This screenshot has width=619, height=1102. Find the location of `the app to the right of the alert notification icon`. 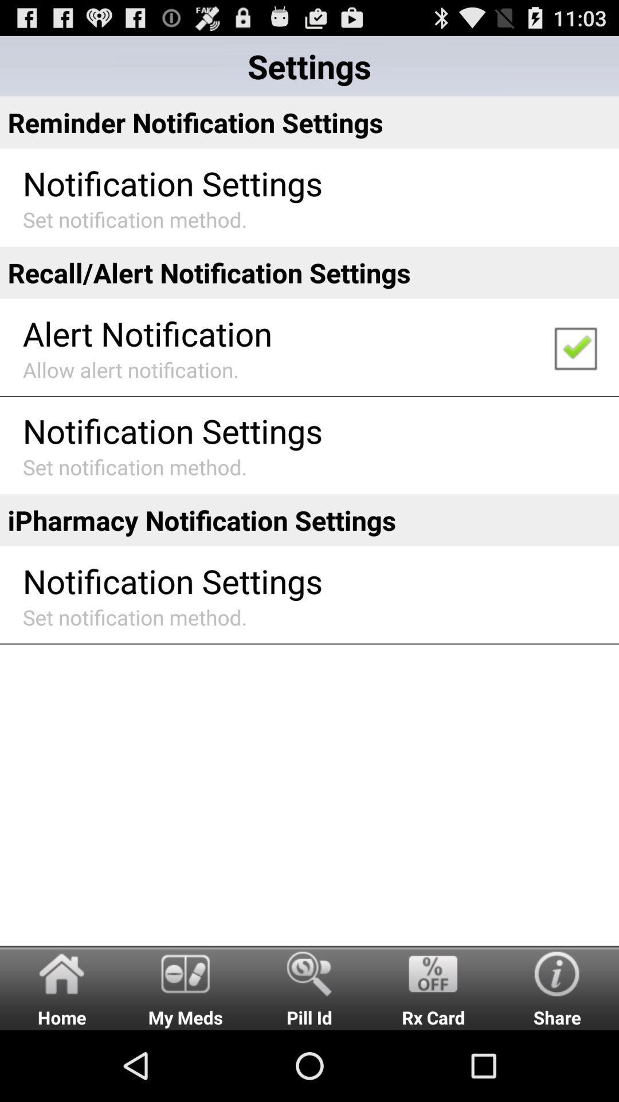

the app to the right of the alert notification icon is located at coordinates (575, 347).